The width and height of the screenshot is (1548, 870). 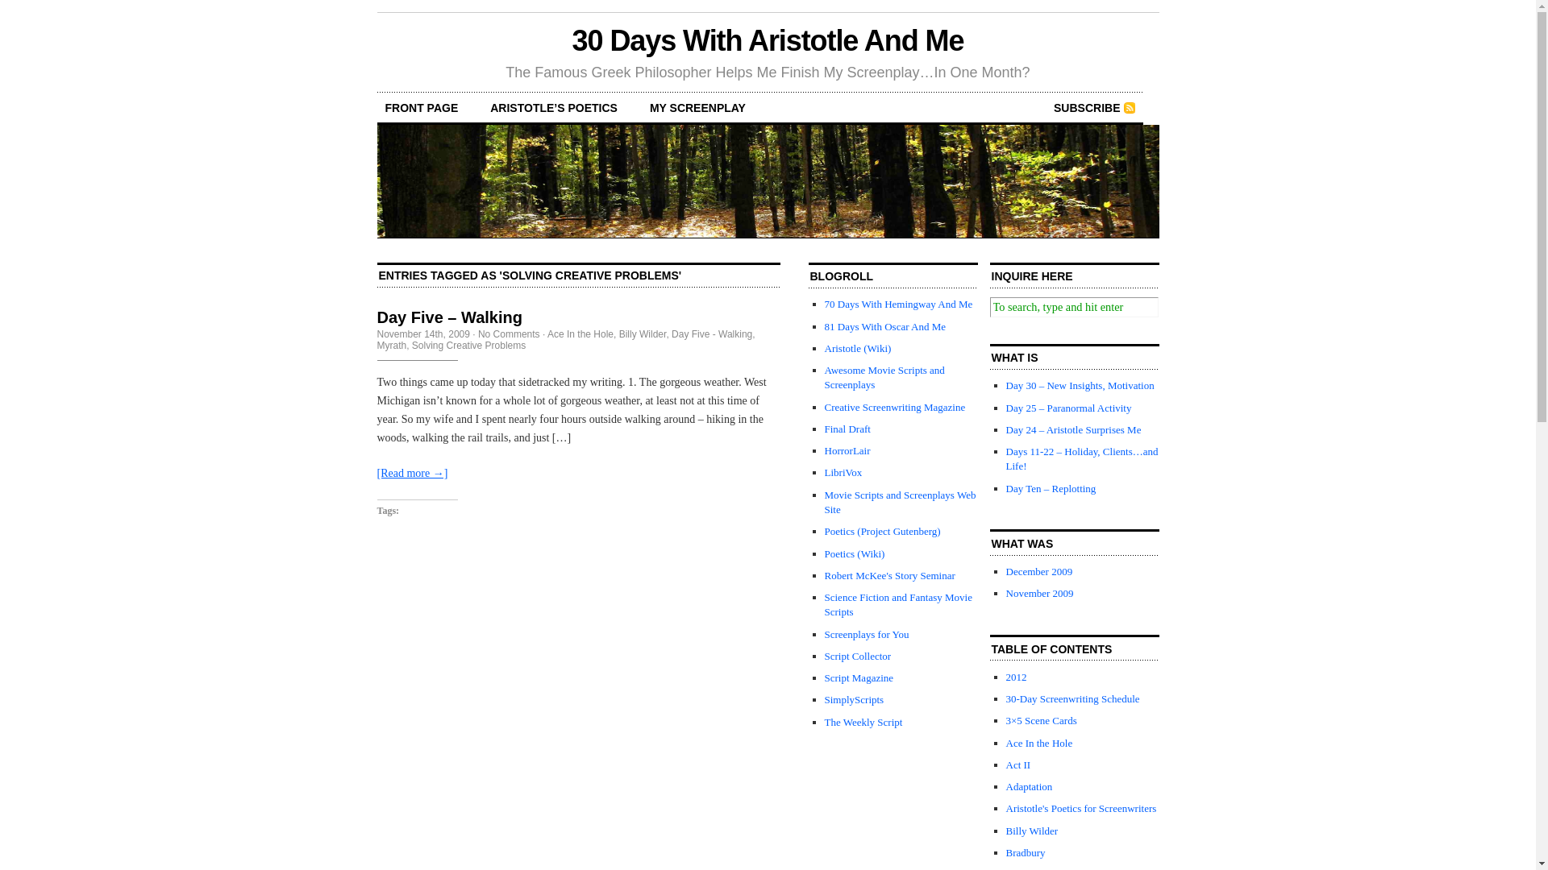 I want to click on 'SUBSCRIBE', so click(x=1094, y=108).